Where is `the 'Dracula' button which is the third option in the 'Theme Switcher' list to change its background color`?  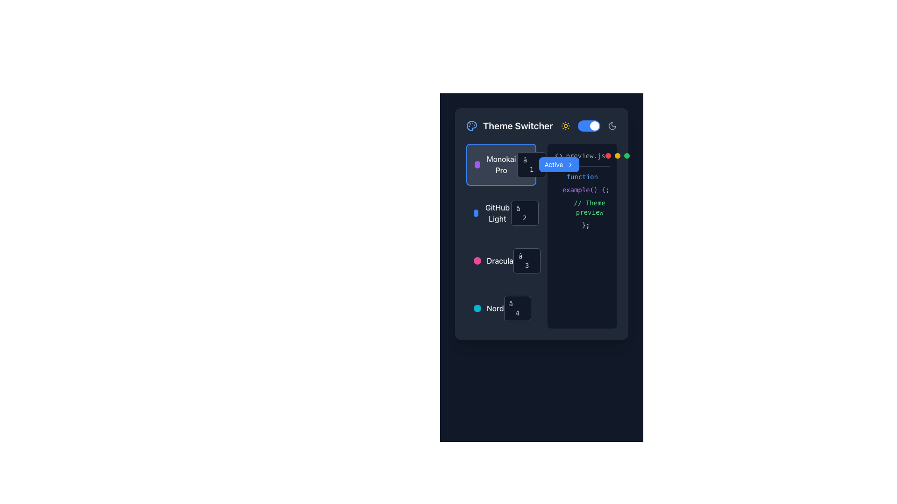
the 'Dracula' button which is the third option in the 'Theme Switcher' list to change its background color is located at coordinates (500, 261).